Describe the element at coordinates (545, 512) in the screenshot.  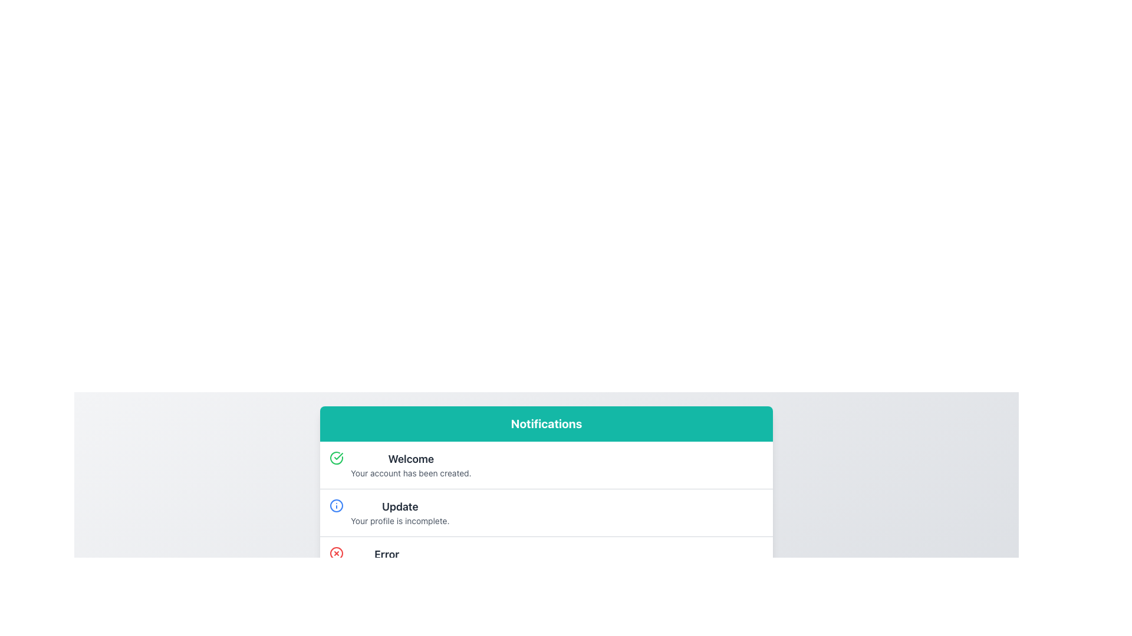
I see `the Notification Component that informs users about the incompleteness of their profile, positioned between the 'Welcome' and 'Error' notifications to interact with any linked elements` at that location.